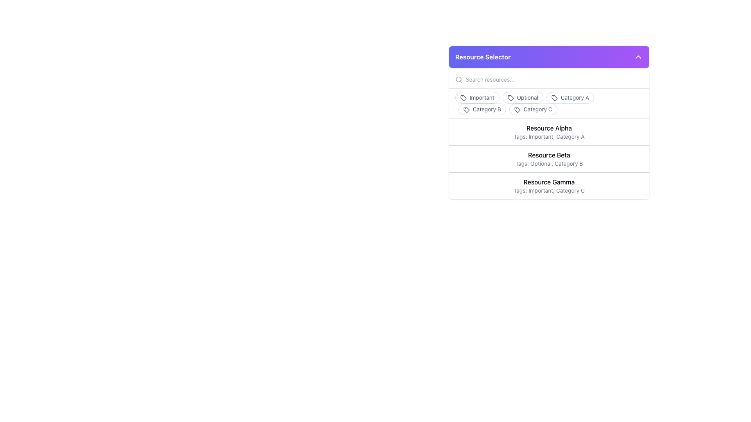 The width and height of the screenshot is (751, 422). I want to click on the 'Important' tag, which is a pill-shaped tag with a white background and grey text, so click(477, 97).